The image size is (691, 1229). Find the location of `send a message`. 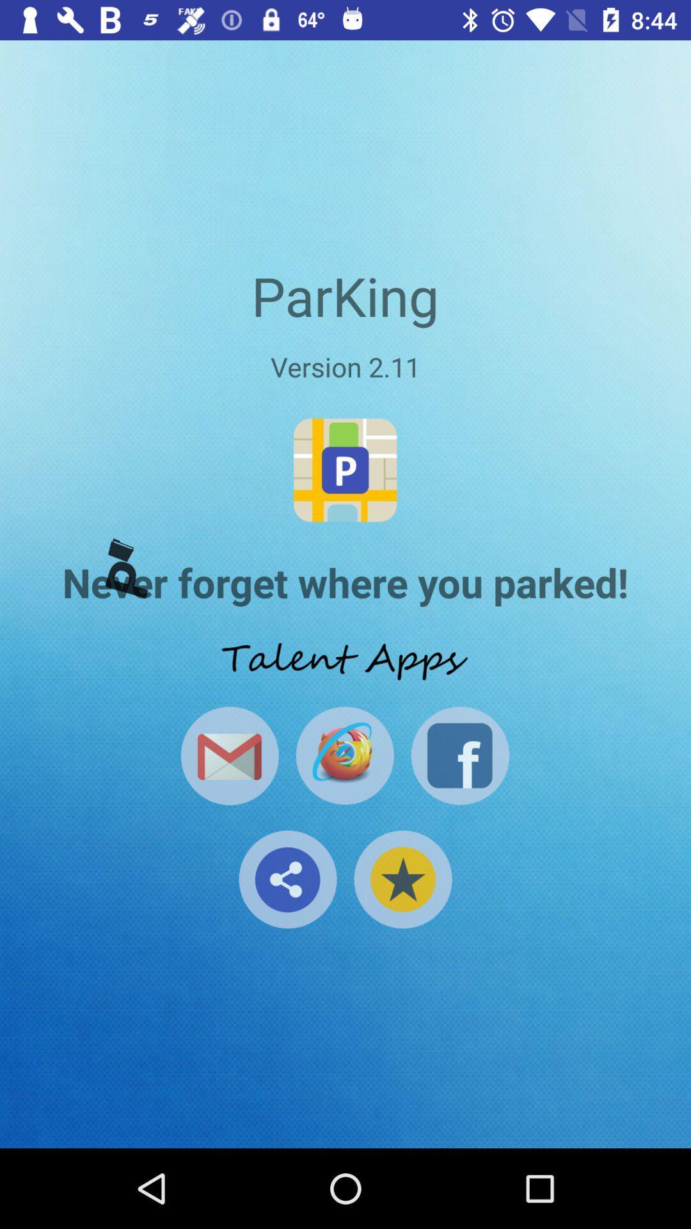

send a message is located at coordinates (229, 755).